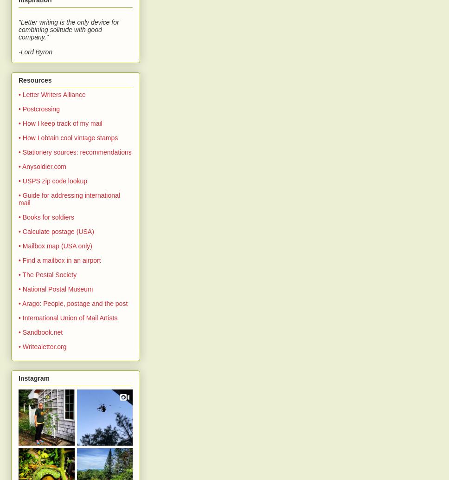 Image resolution: width=449 pixels, height=480 pixels. I want to click on '• How I obtain cool vintage stamps', so click(68, 137).